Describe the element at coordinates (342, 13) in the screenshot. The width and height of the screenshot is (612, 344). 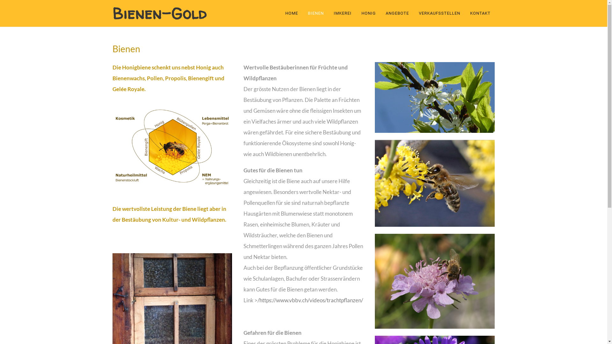
I see `'IMKEREI'` at that location.